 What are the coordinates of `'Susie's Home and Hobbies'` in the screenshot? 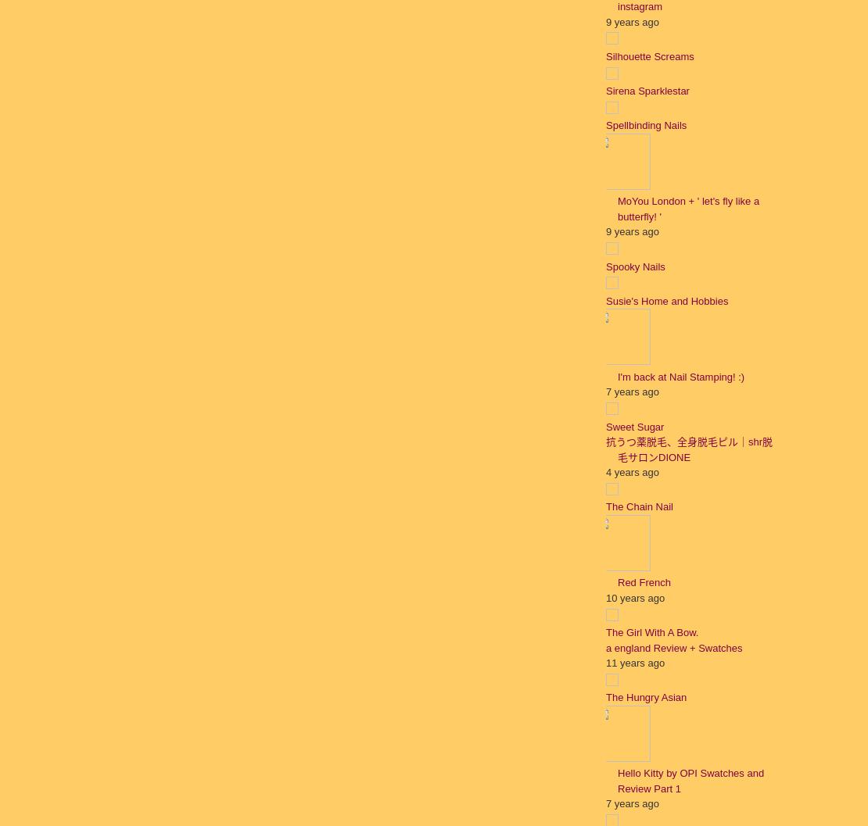 It's located at (666, 299).